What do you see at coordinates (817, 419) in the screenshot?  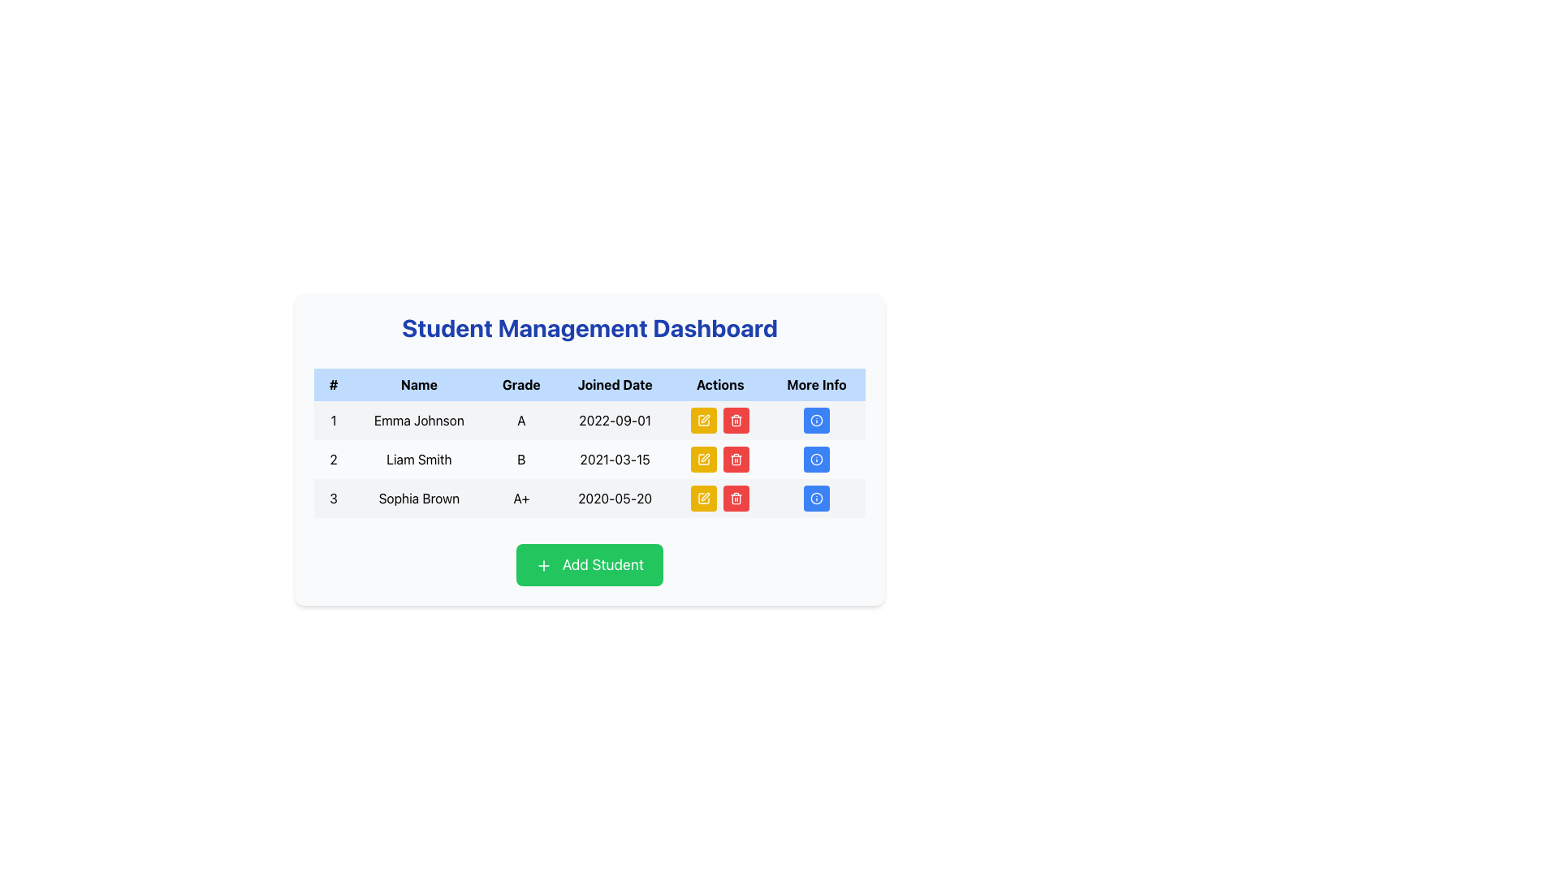 I see `the small circular information icon button with a blue background and white border in the 'More Info' column of the 'Student Management Dashboard' for the student 'Emma Johnson'` at bounding box center [817, 419].